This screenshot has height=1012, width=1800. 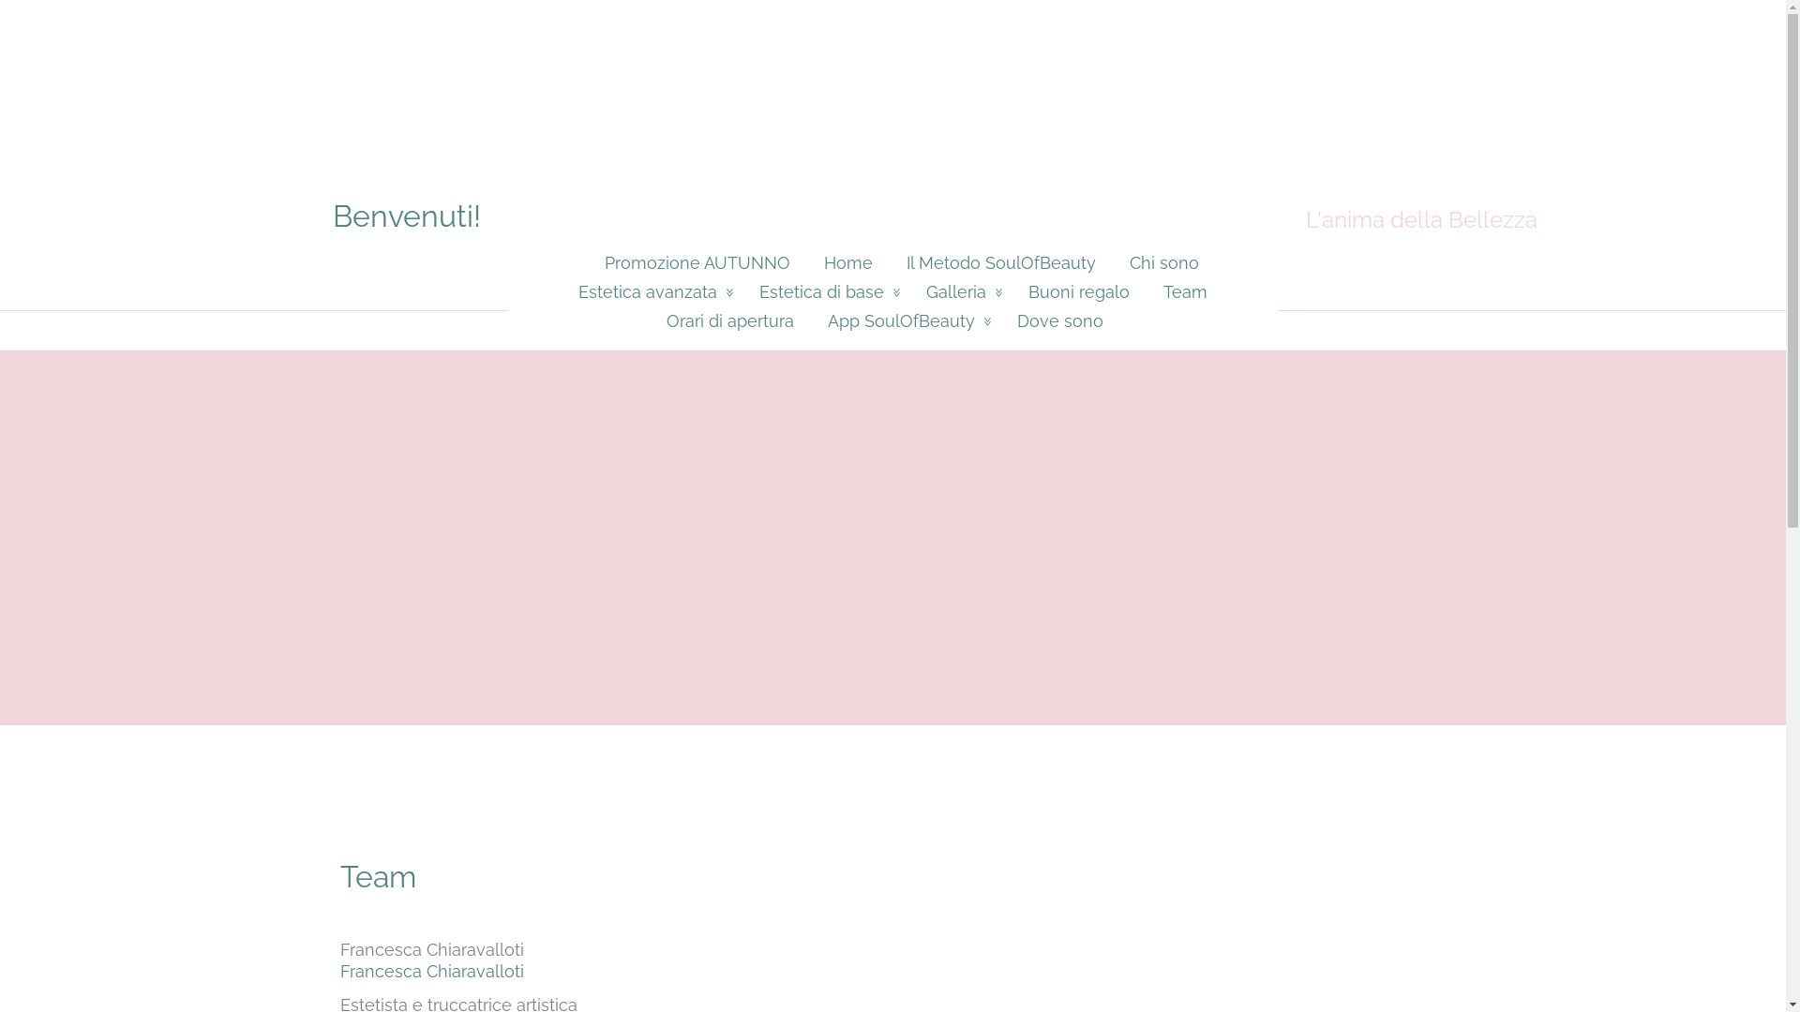 What do you see at coordinates (1111, 262) in the screenshot?
I see `'Chi sono'` at bounding box center [1111, 262].